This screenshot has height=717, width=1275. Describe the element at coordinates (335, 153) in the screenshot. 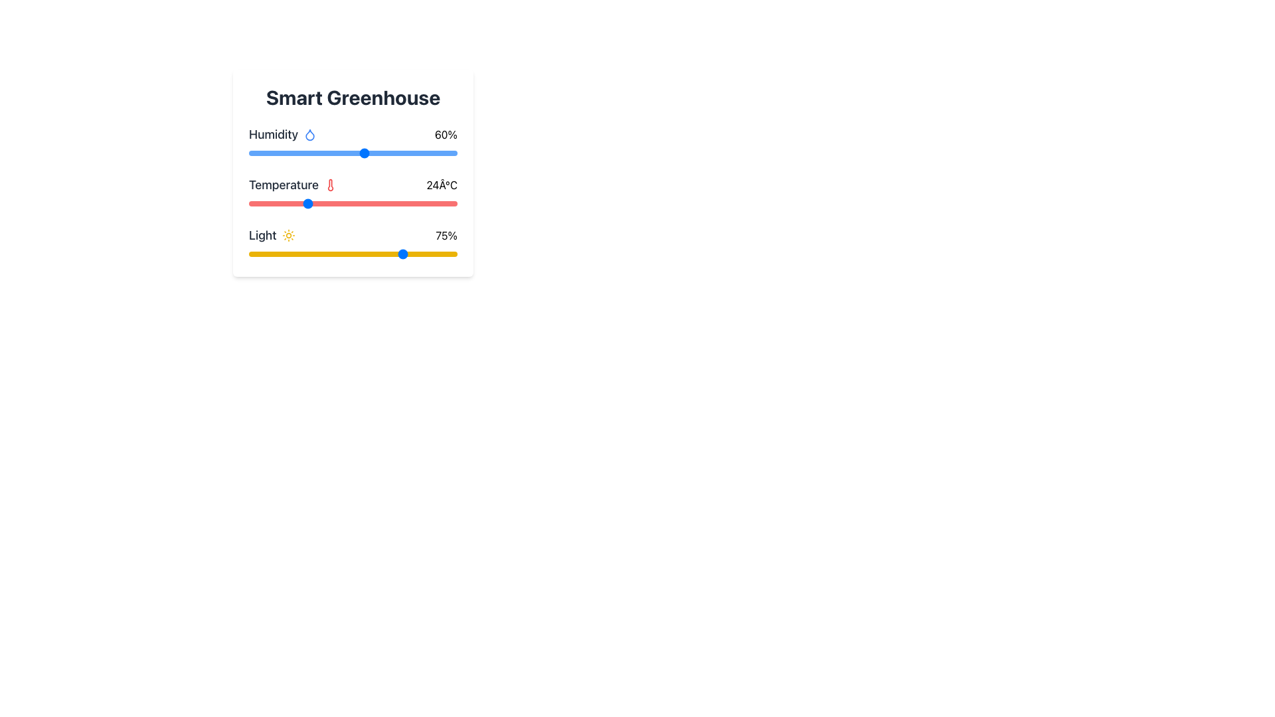

I see `the Humidity slider` at that location.